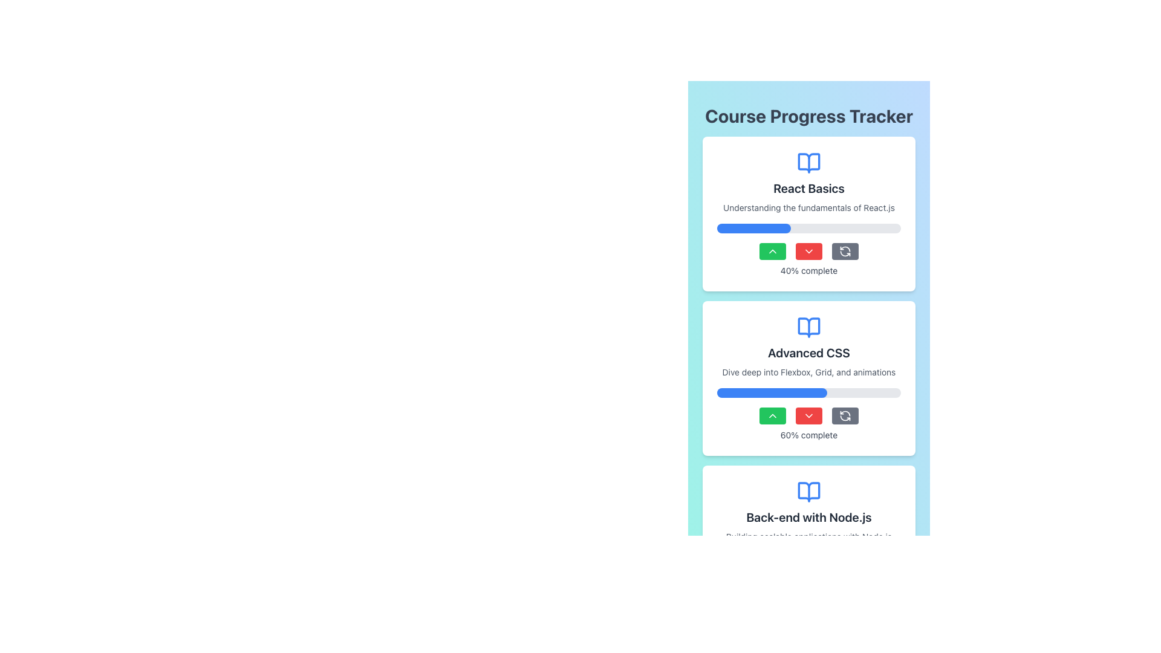  Describe the element at coordinates (809, 492) in the screenshot. I see `the open book icon, which is part of the card titled 'Back-end with Node.js', located at the top-center region of the card` at that location.